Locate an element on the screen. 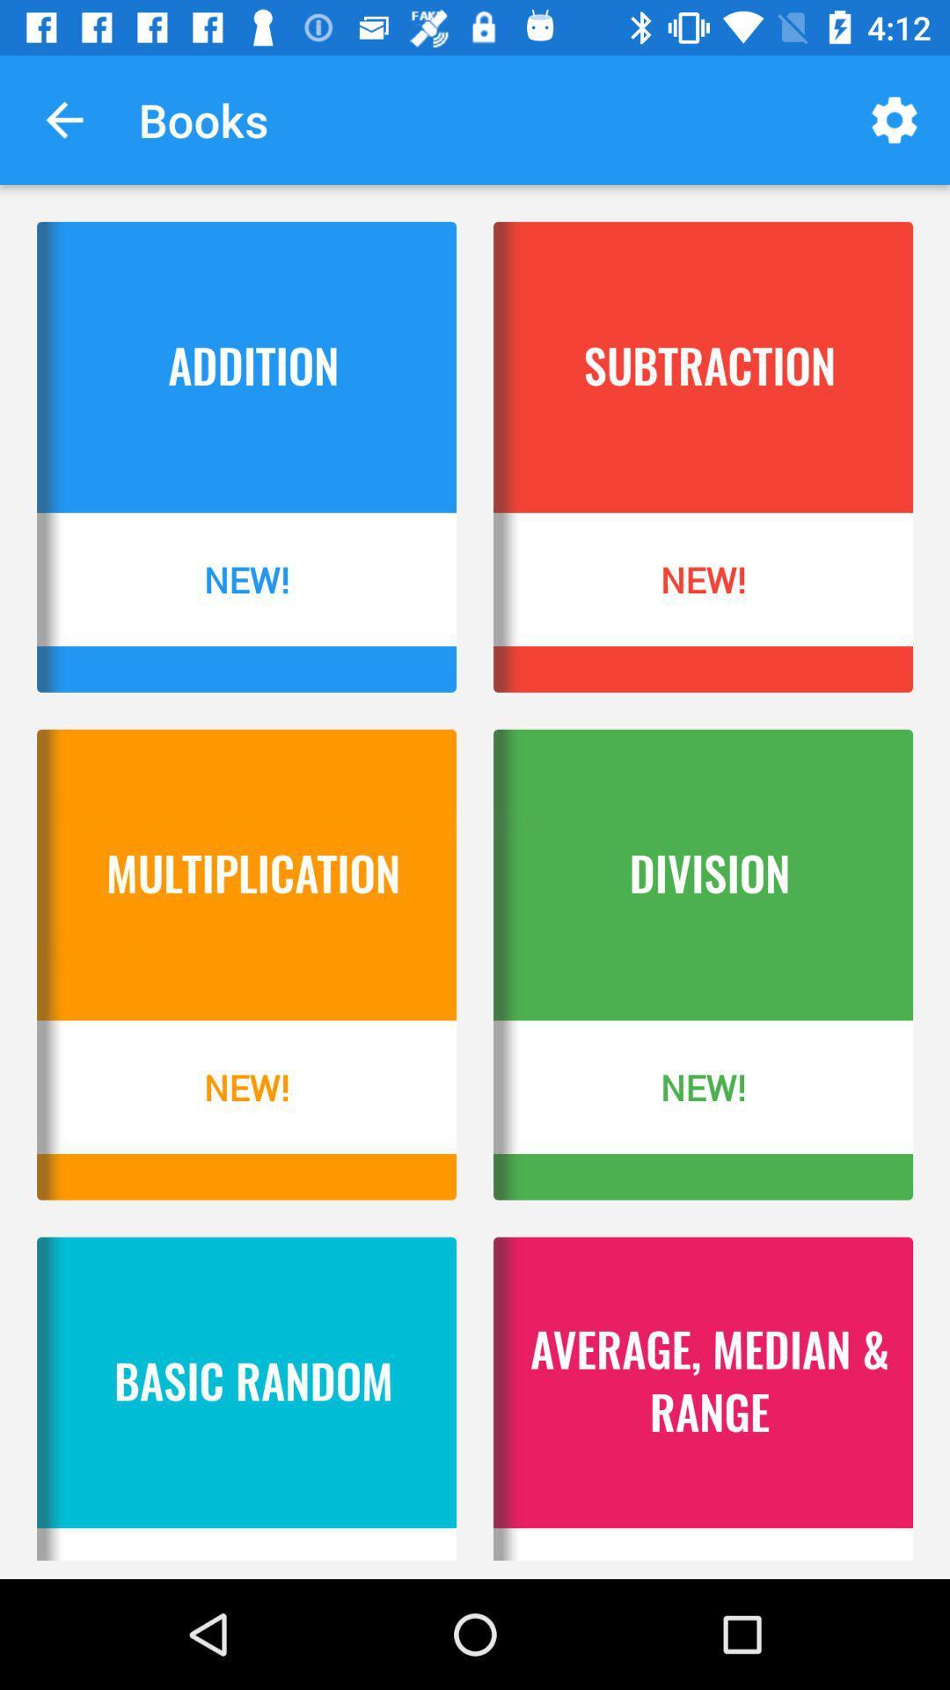  item above subtraction icon is located at coordinates (895, 119).